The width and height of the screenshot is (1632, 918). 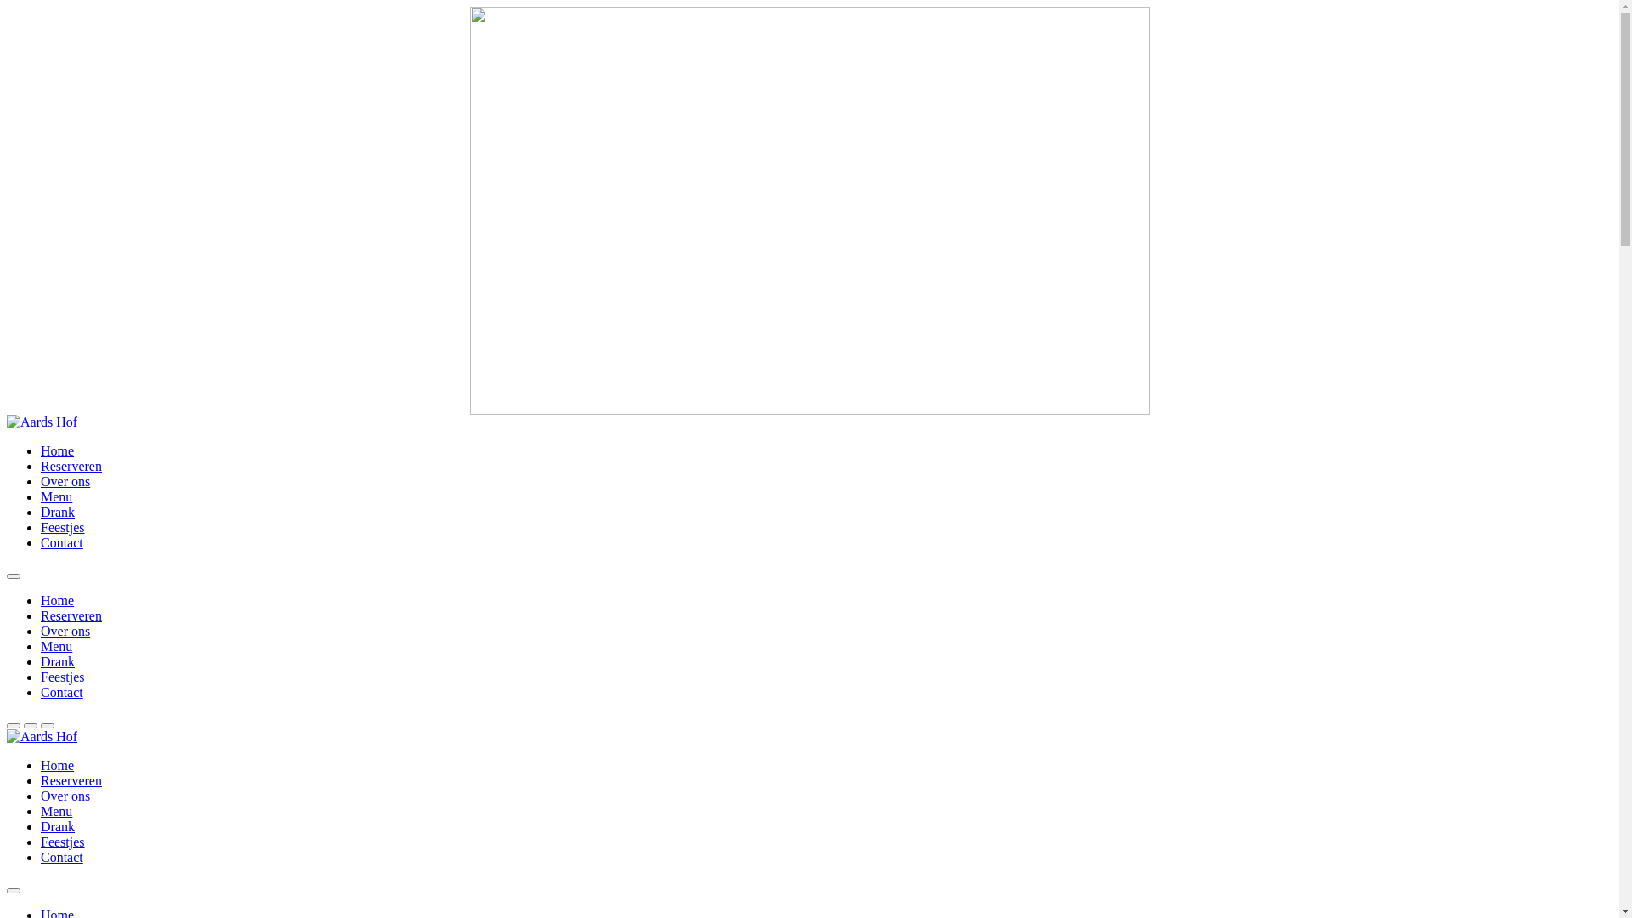 I want to click on 'Home', so click(x=57, y=599).